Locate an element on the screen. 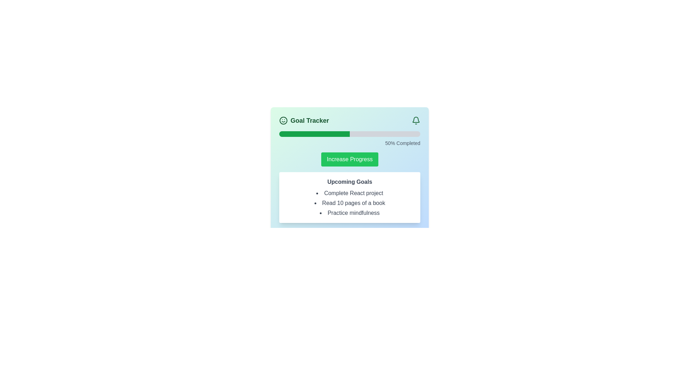 This screenshot has height=381, width=677. the 'Increase Progress' button, which is a rectangular button with a green background and white text, to observe the hover effect is located at coordinates (350, 159).